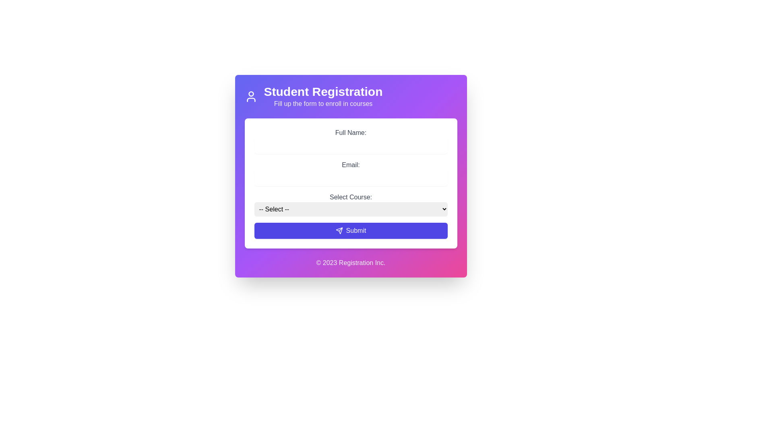  Describe the element at coordinates (355, 231) in the screenshot. I see `textual content of the submit button label located at the bottom center of the form, aligned with a send icon` at that location.